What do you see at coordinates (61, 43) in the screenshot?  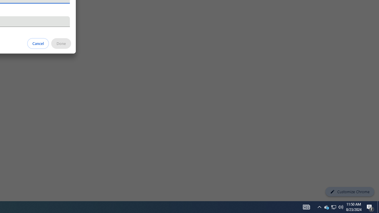 I see `'Done'` at bounding box center [61, 43].